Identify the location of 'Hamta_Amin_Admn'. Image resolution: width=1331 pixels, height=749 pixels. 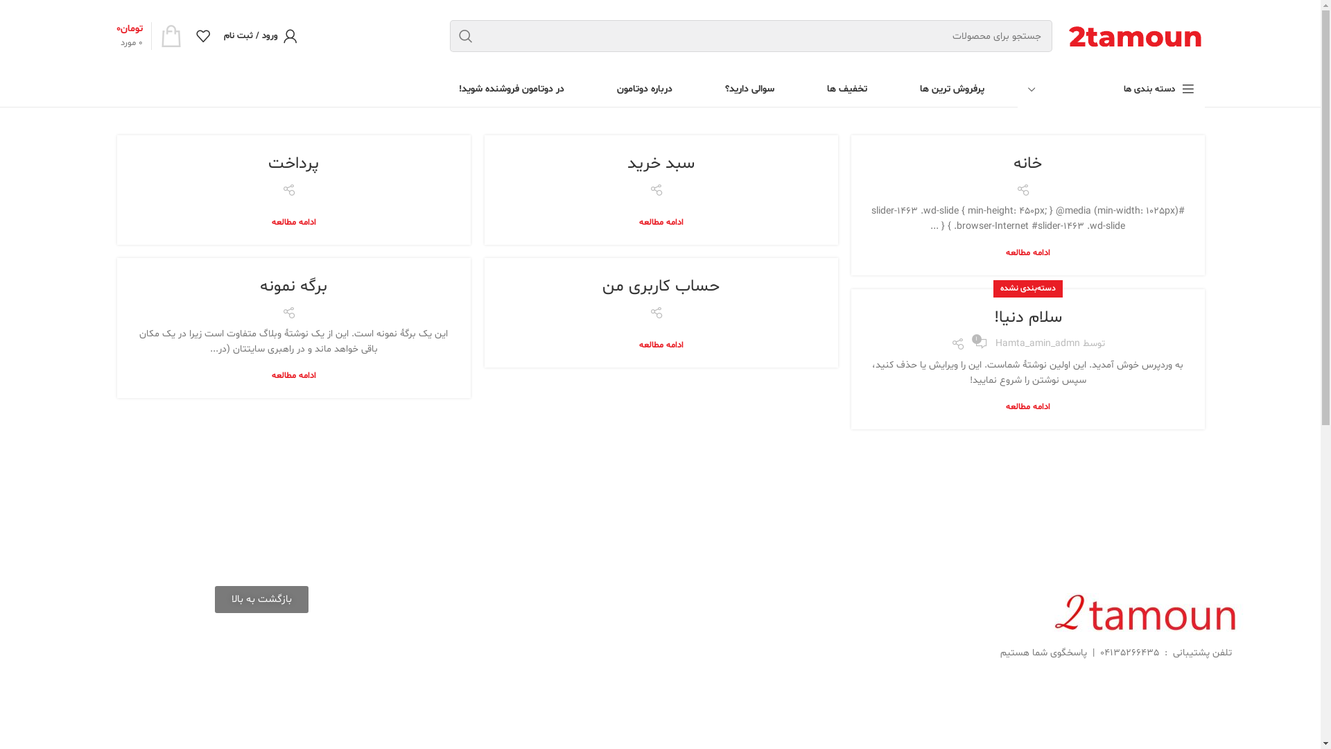
(994, 343).